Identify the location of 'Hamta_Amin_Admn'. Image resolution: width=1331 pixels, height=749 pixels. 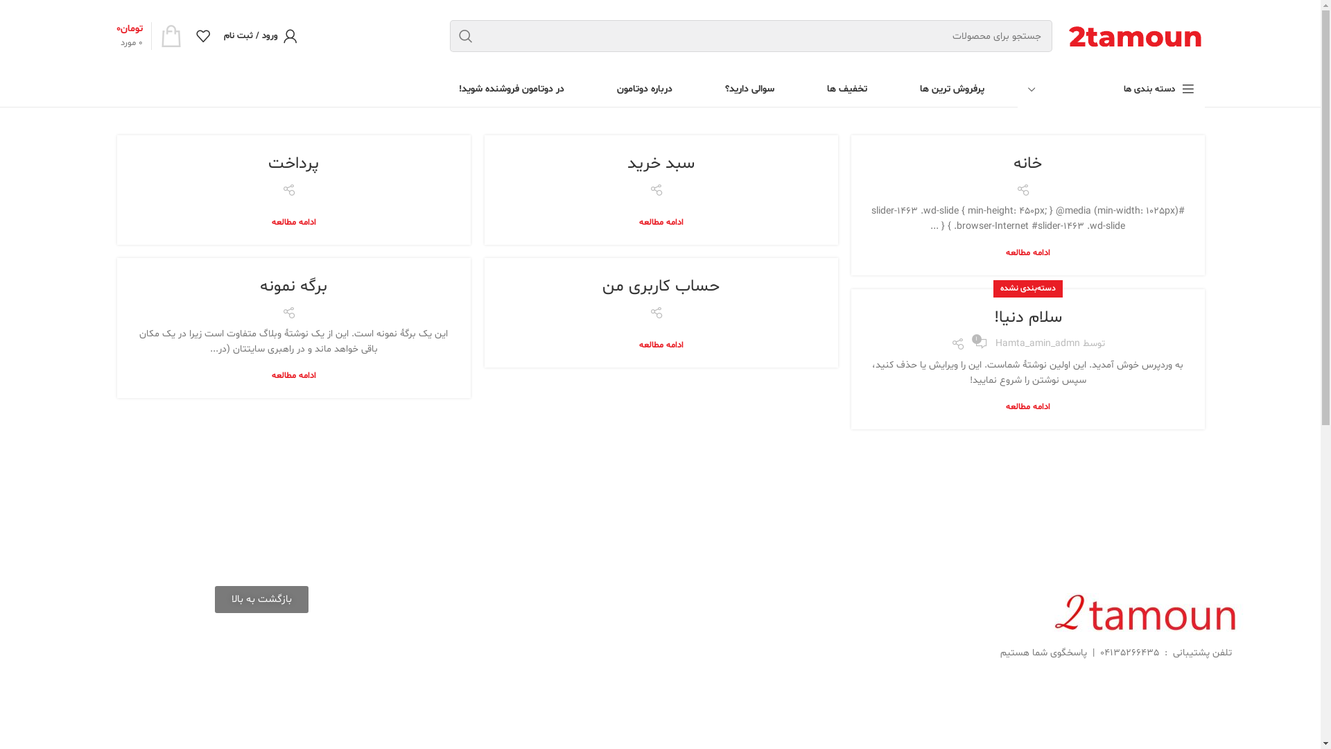
(994, 343).